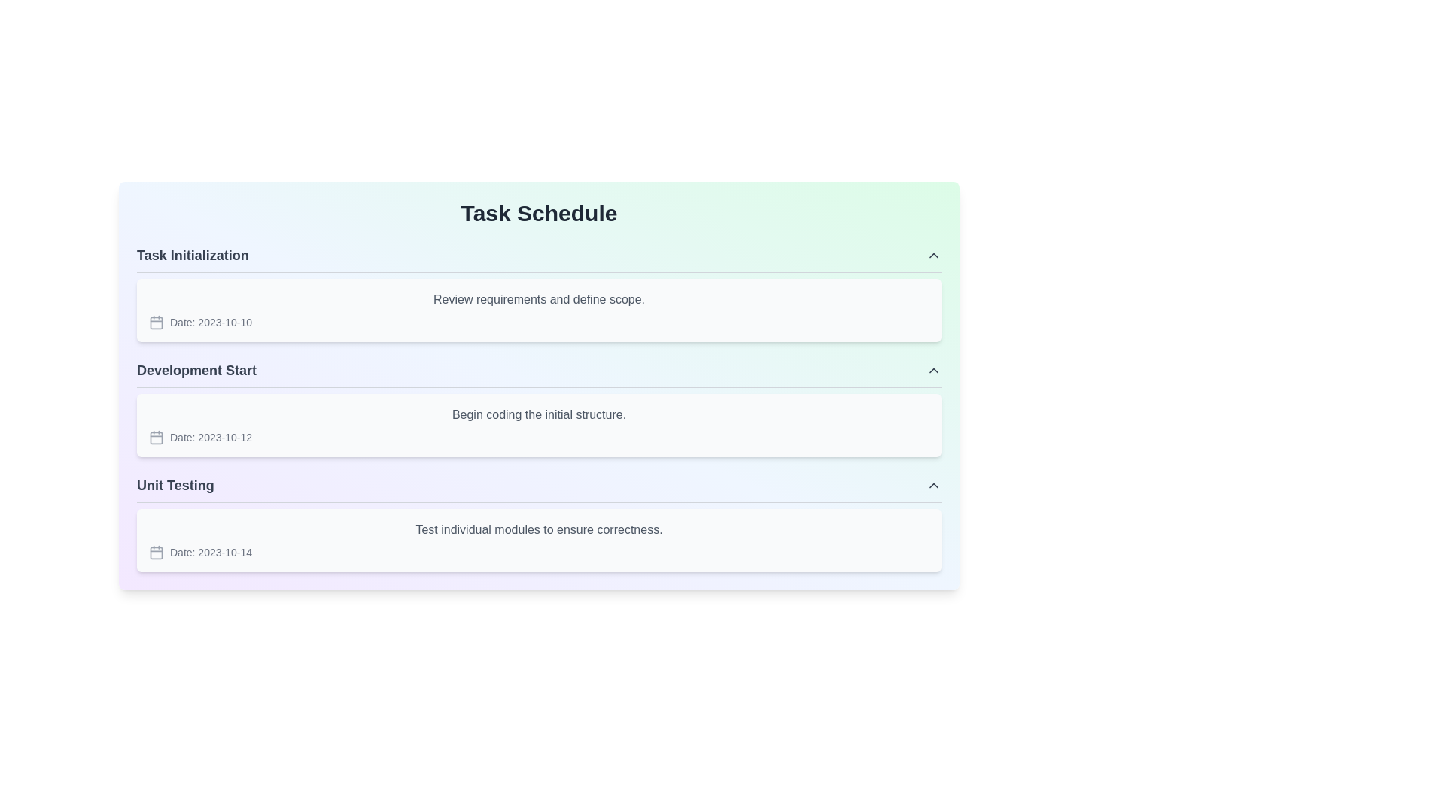  Describe the element at coordinates (933, 371) in the screenshot. I see `the upward-pointing chevron icon button in the 'Development Start' section header` at that location.